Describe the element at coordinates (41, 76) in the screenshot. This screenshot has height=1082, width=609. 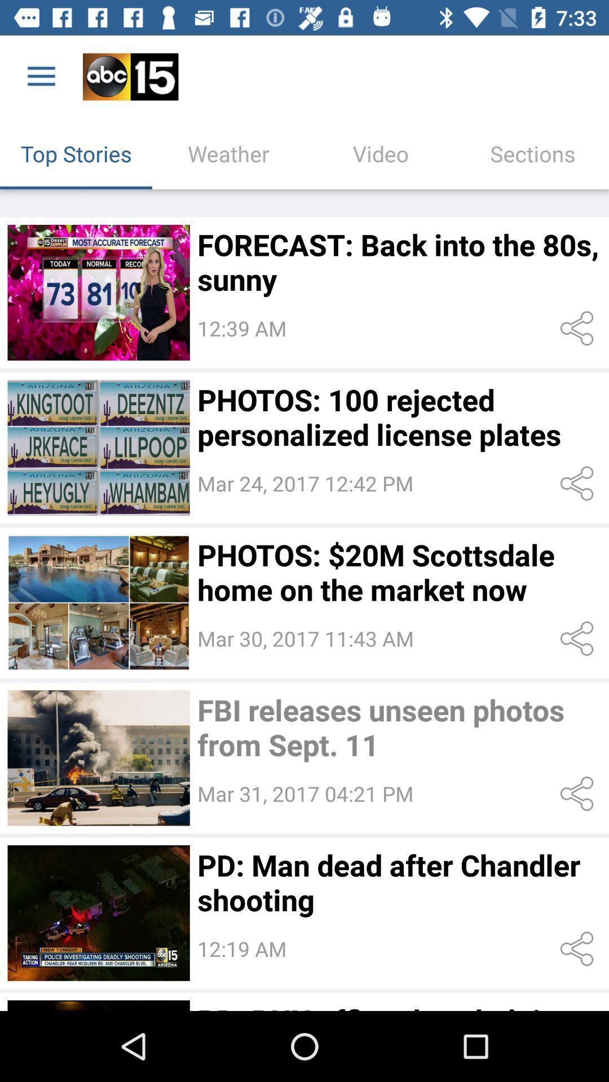
I see `the icon above top stories icon` at that location.